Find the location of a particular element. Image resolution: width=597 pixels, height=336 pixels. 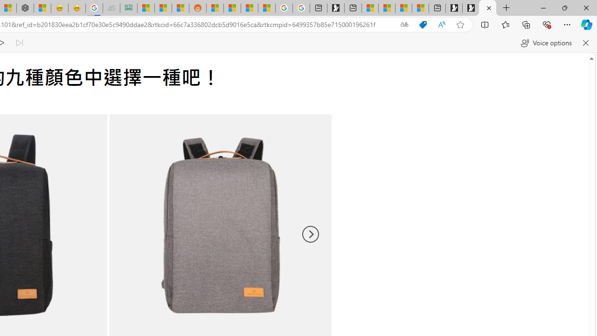

'Next' is located at coordinates (310, 233).